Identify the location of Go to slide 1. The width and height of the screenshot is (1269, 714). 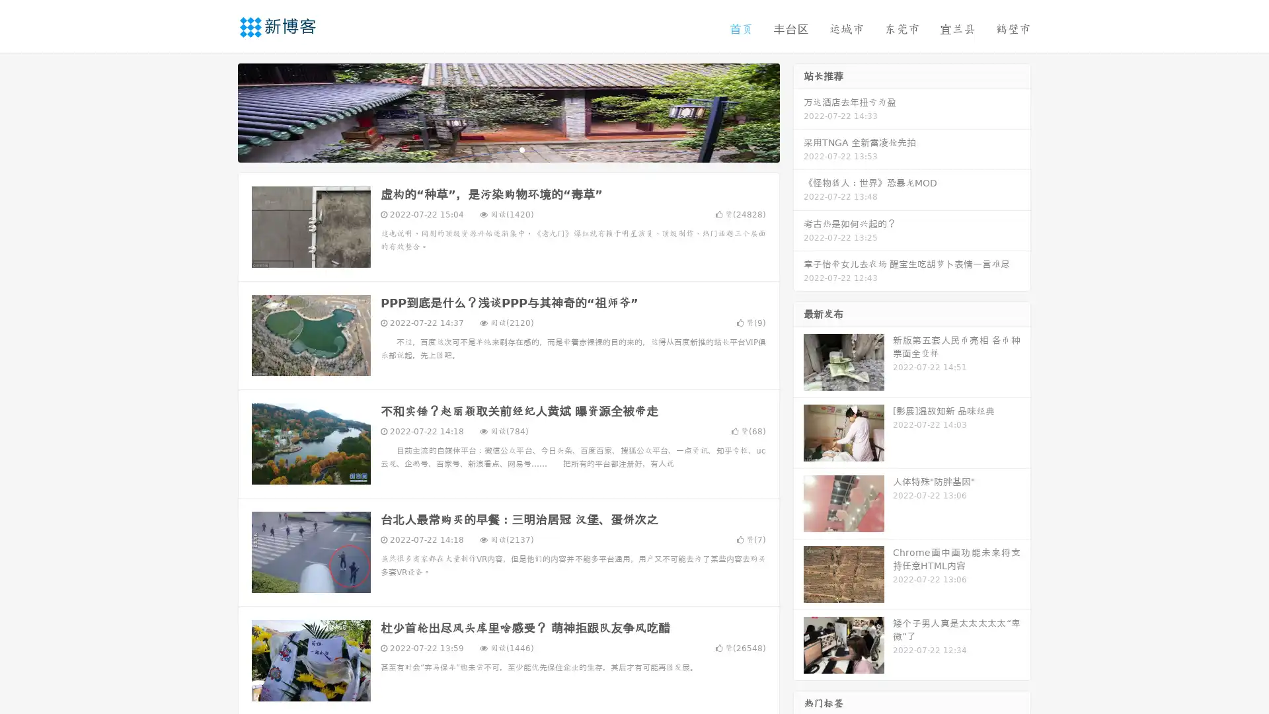
(494, 149).